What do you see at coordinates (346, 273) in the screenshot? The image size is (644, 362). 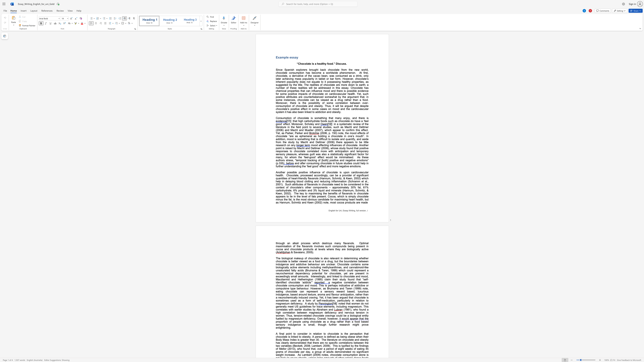 I see `the subset text "t ar" within the text "a neurochemical dependency potential for chocolate, yet are present in exceedingly small amounts"` at bounding box center [346, 273].